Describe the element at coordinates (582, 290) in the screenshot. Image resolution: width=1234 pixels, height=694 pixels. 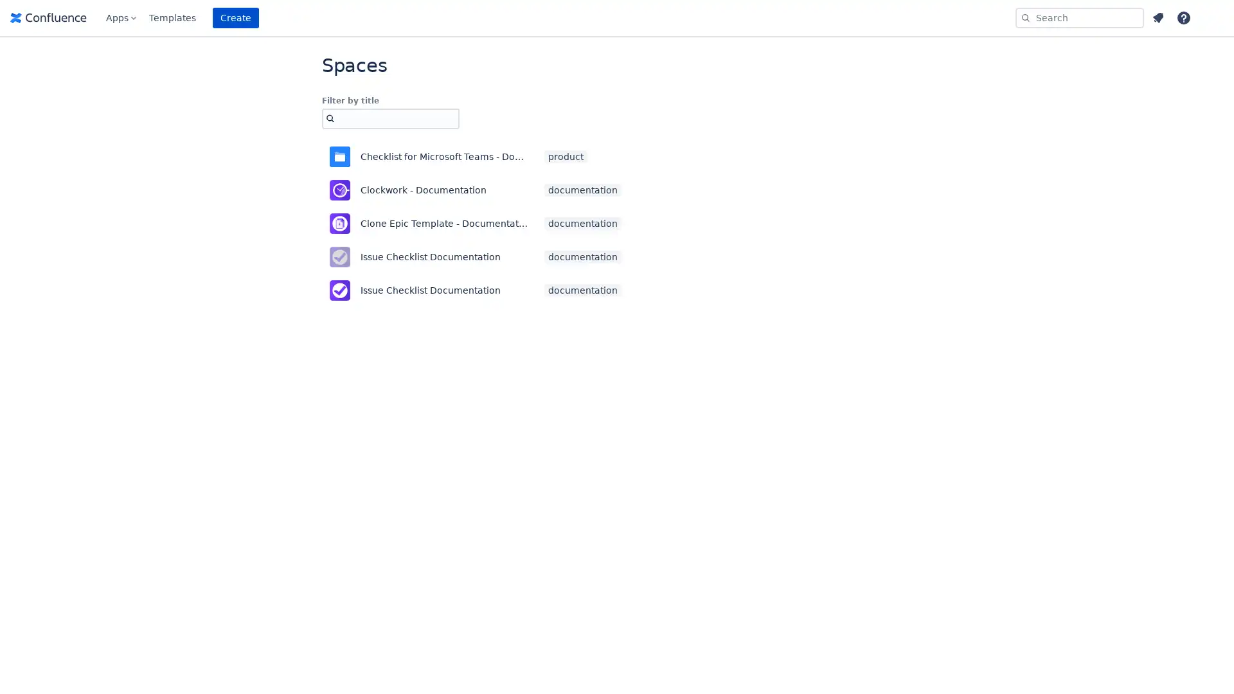
I see `documentation` at that location.